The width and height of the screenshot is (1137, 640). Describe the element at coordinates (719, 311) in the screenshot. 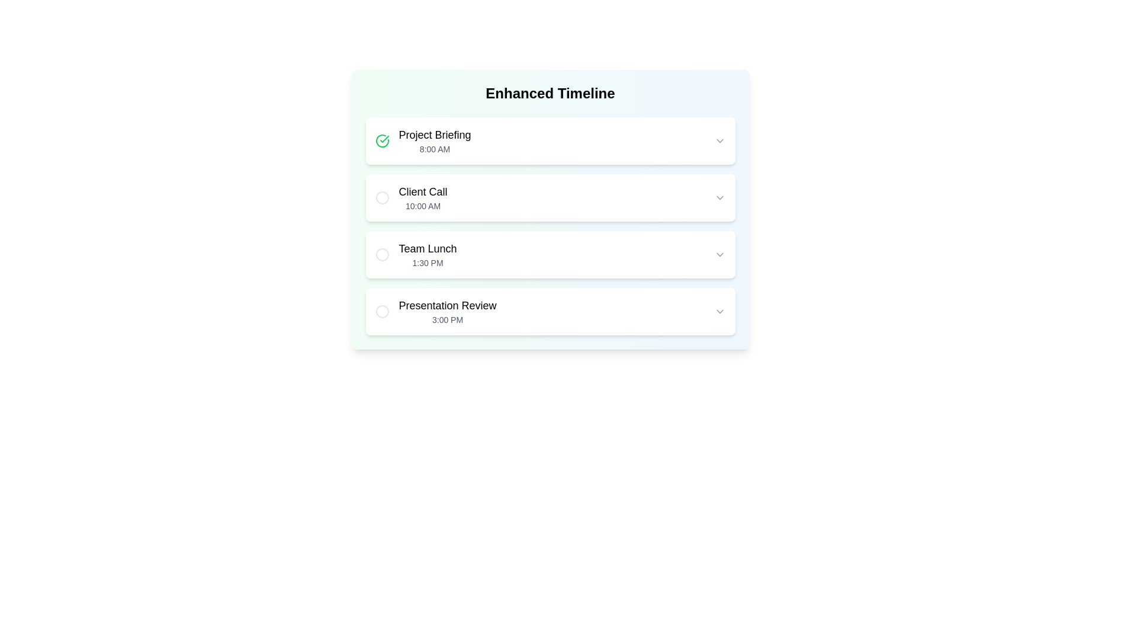

I see `the downward-pointing chevron icon, styled in gray, located at the far right of the 'Presentation Review' row at 3:00 PM to indicate its interactivity` at that location.